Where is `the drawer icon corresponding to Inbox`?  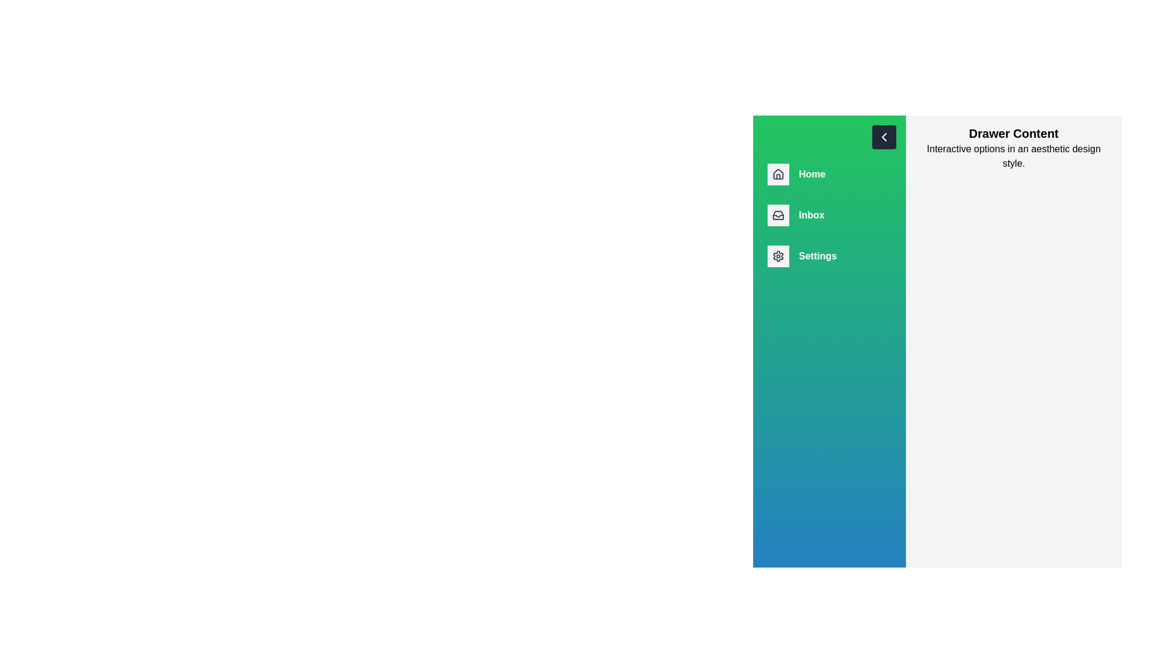
the drawer icon corresponding to Inbox is located at coordinates (778, 215).